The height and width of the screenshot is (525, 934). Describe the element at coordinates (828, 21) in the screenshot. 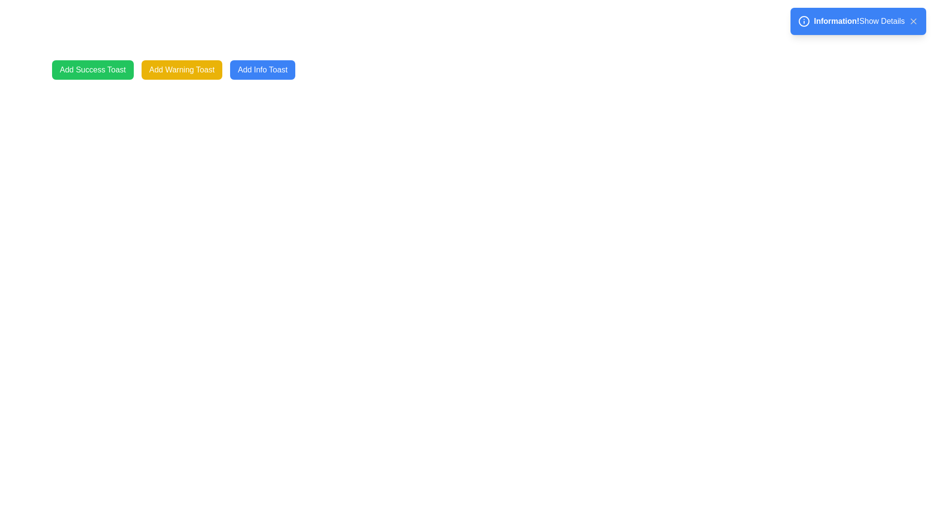

I see `the 'Information!' text label with an icon, which features a circular 'i' icon on a blue rectangular background, located in the top right corner of the layout` at that location.